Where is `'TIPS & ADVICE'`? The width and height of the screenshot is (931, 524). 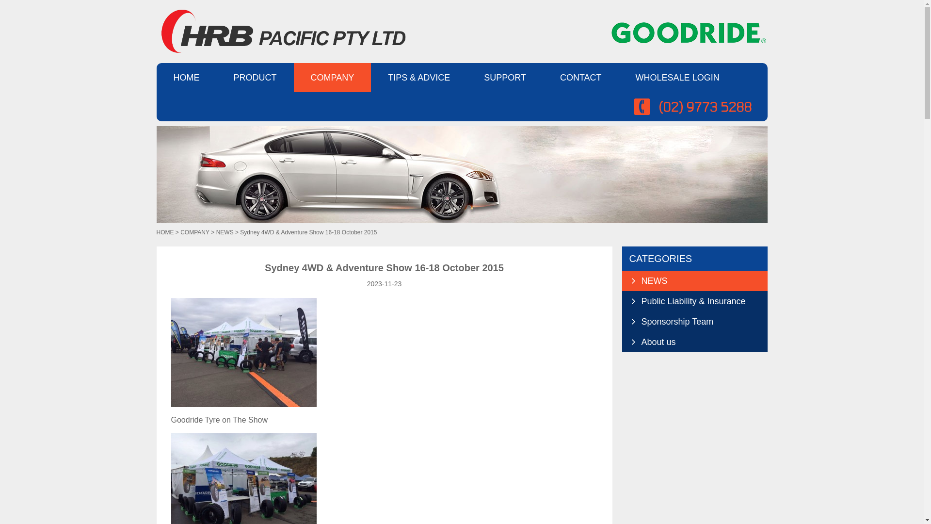 'TIPS & ADVICE' is located at coordinates (419, 77).